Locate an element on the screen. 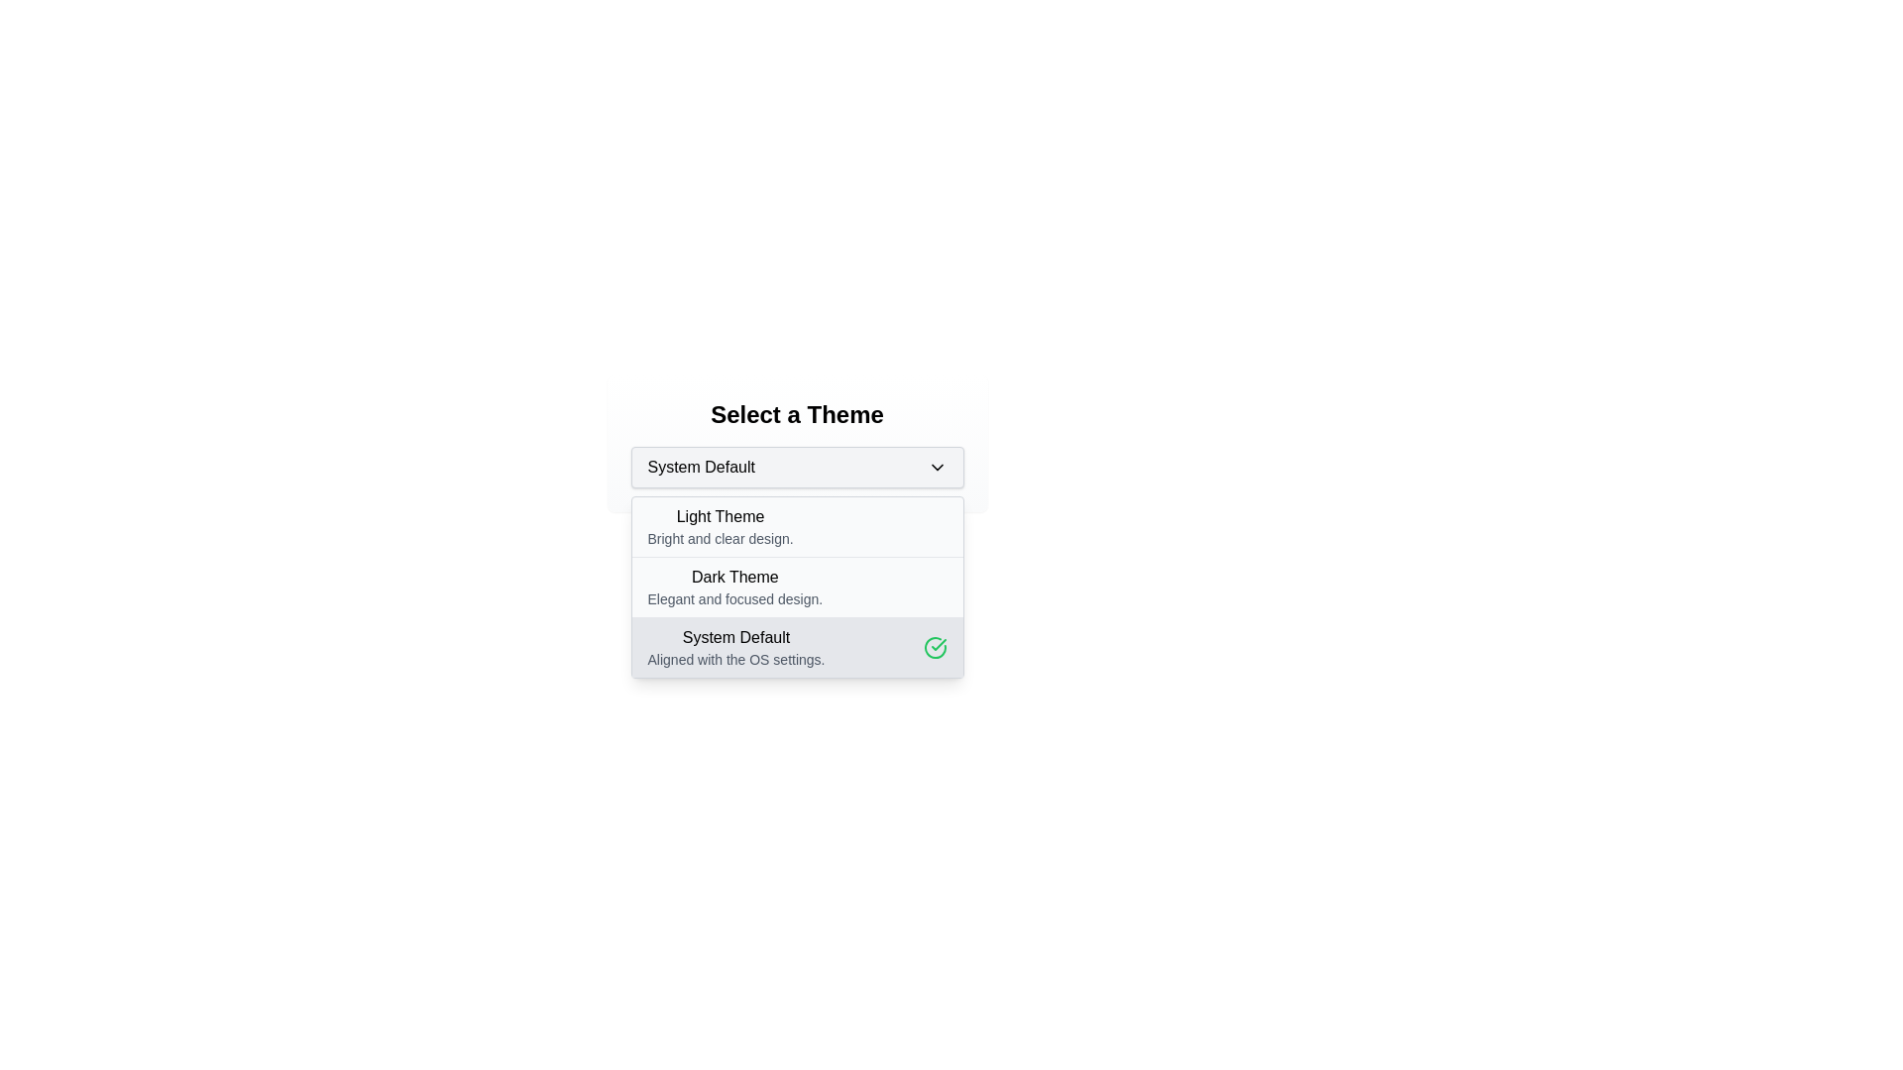 Image resolution: width=1903 pixels, height=1070 pixels. the 'Dark Theme' dropdown option, which is the second entry in the dropdown list under 'Select a Theme' is located at coordinates (733, 587).